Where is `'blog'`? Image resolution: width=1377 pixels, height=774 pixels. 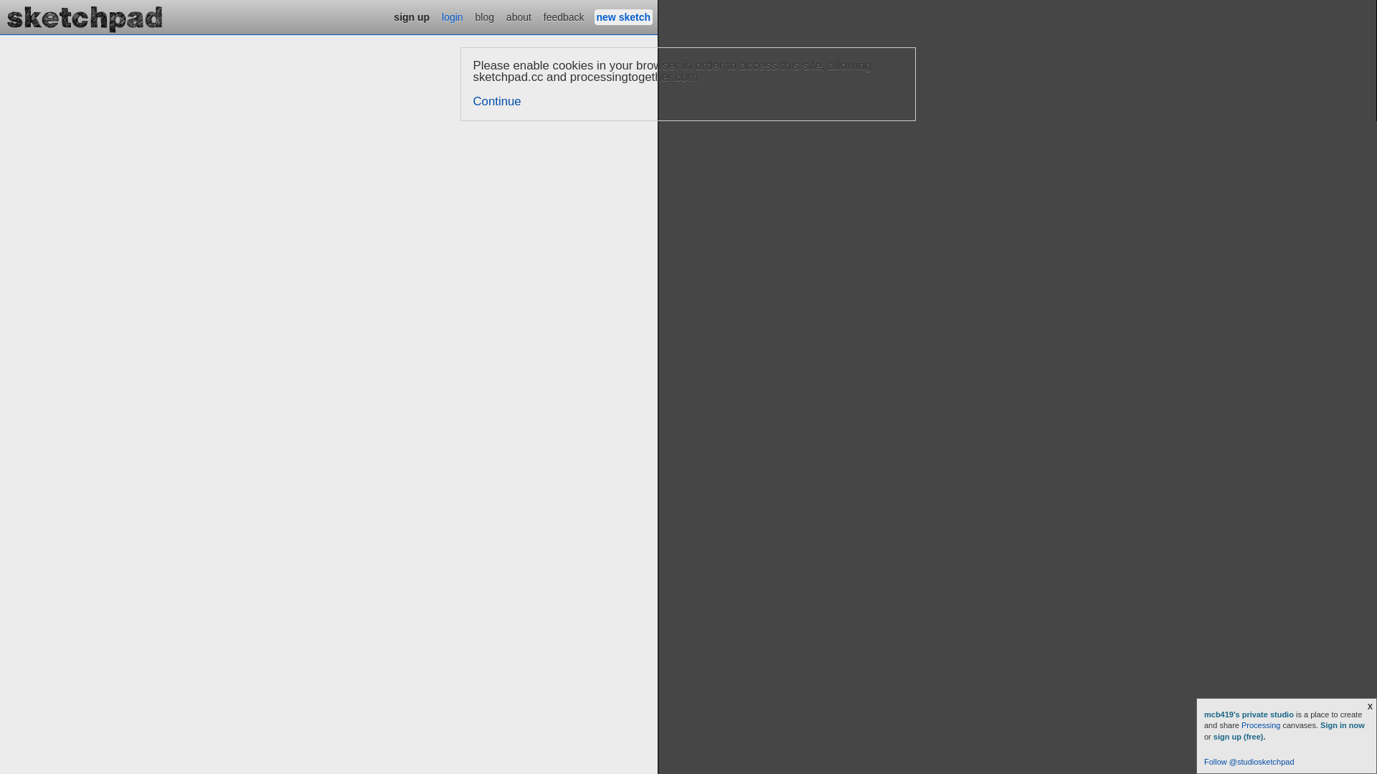
'blog' is located at coordinates (473, 16).